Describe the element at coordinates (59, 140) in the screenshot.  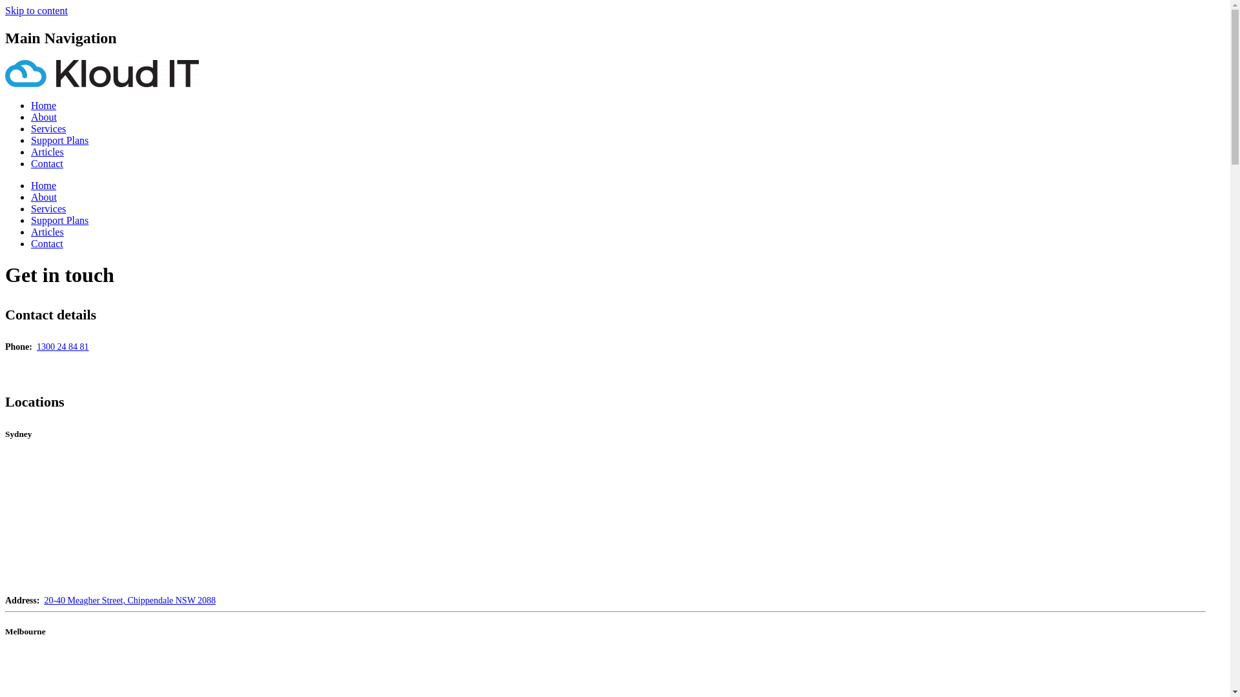
I see `'Support Plans'` at that location.